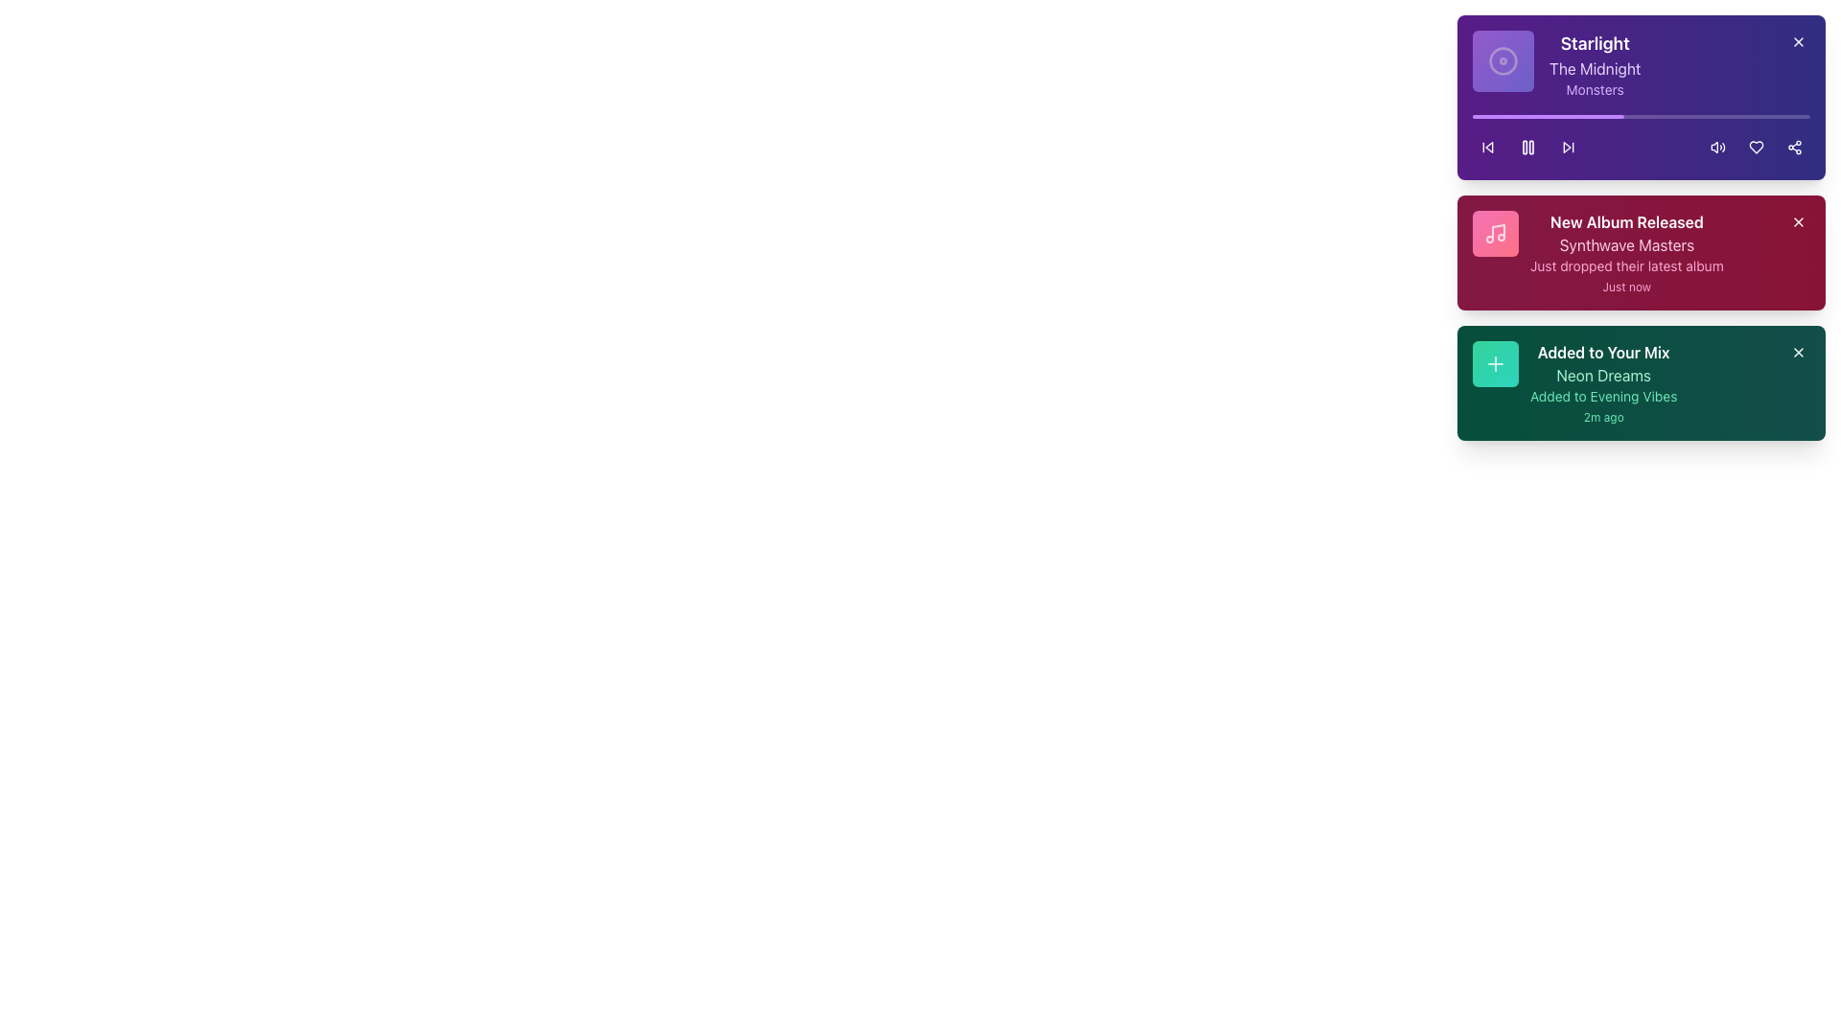  What do you see at coordinates (1641, 147) in the screenshot?
I see `the Playback control bar` at bounding box center [1641, 147].